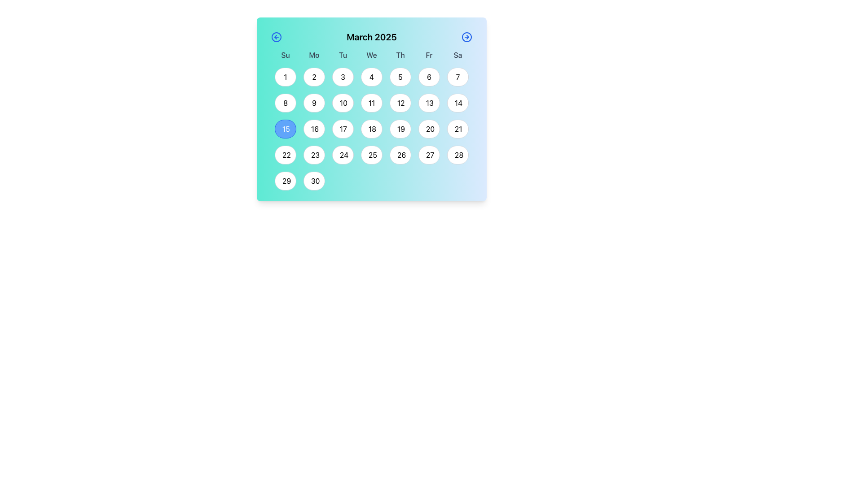 This screenshot has width=862, height=484. I want to click on the circular blue icon button with a thin outline, located at the top-right corner of the calendar interface, so click(467, 37).